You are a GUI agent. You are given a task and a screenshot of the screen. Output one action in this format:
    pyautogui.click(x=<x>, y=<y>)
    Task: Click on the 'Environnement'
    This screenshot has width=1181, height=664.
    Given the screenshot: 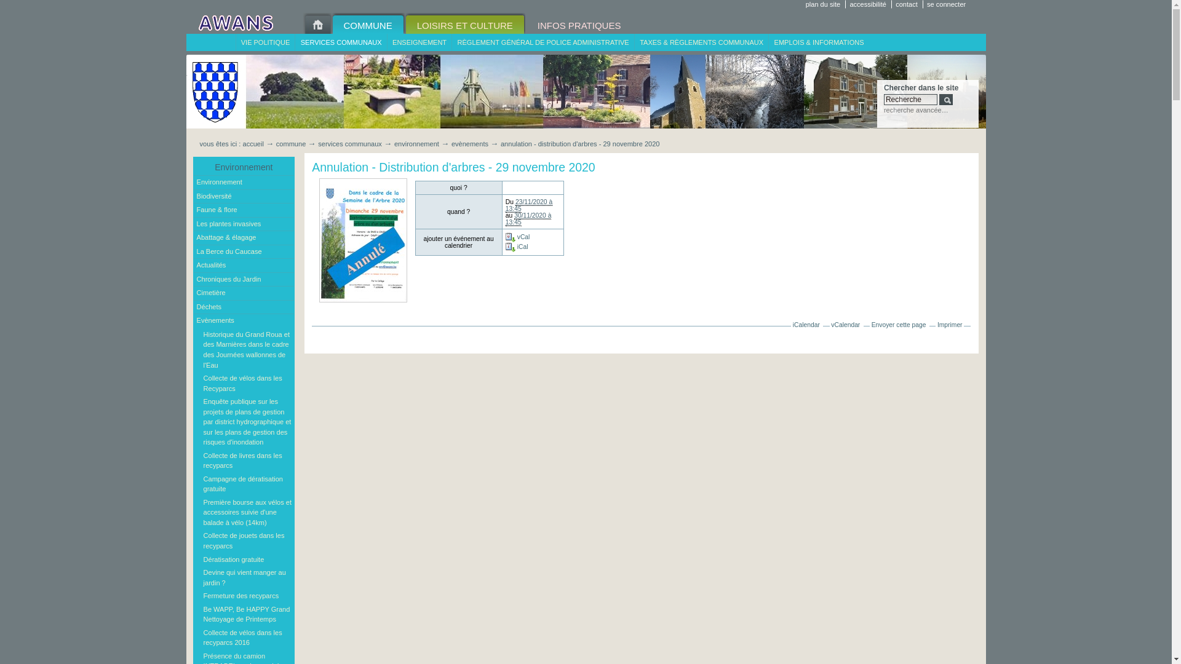 What is the action you would take?
    pyautogui.click(x=244, y=183)
    